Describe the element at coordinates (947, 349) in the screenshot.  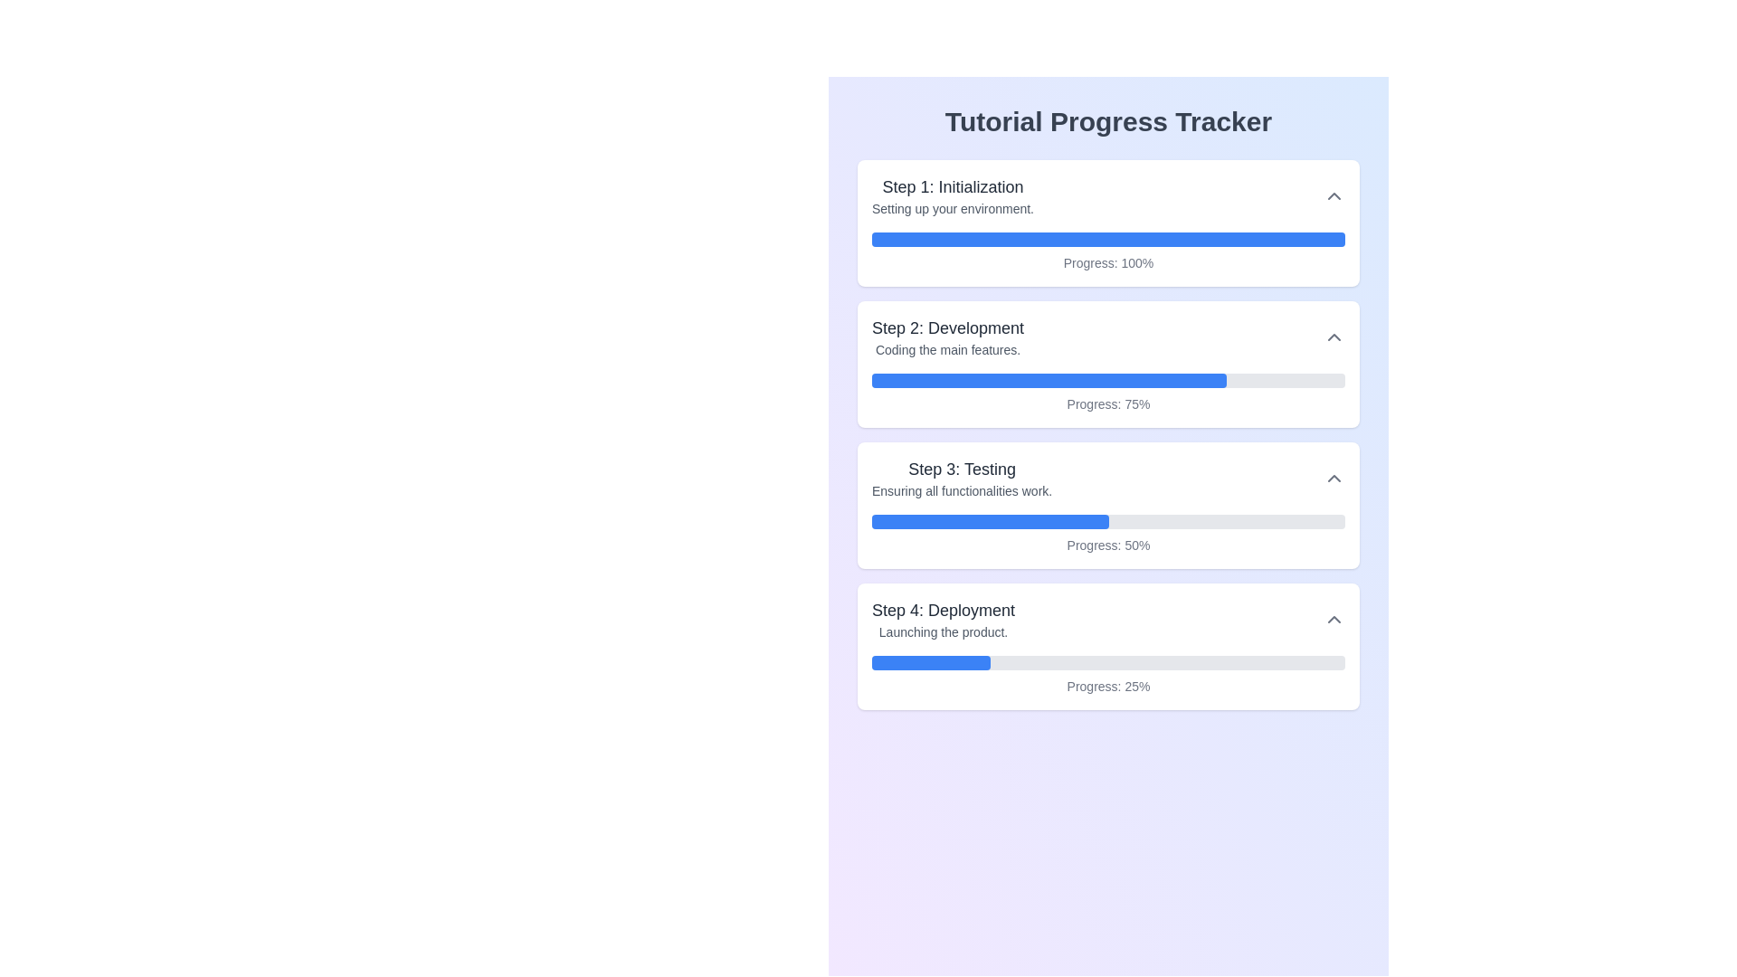
I see `the static text element that provides additional descriptive information for 'Step 2: Development', located beneath the title and above the blue progress bar labeled 'Progress: 75%'` at that location.